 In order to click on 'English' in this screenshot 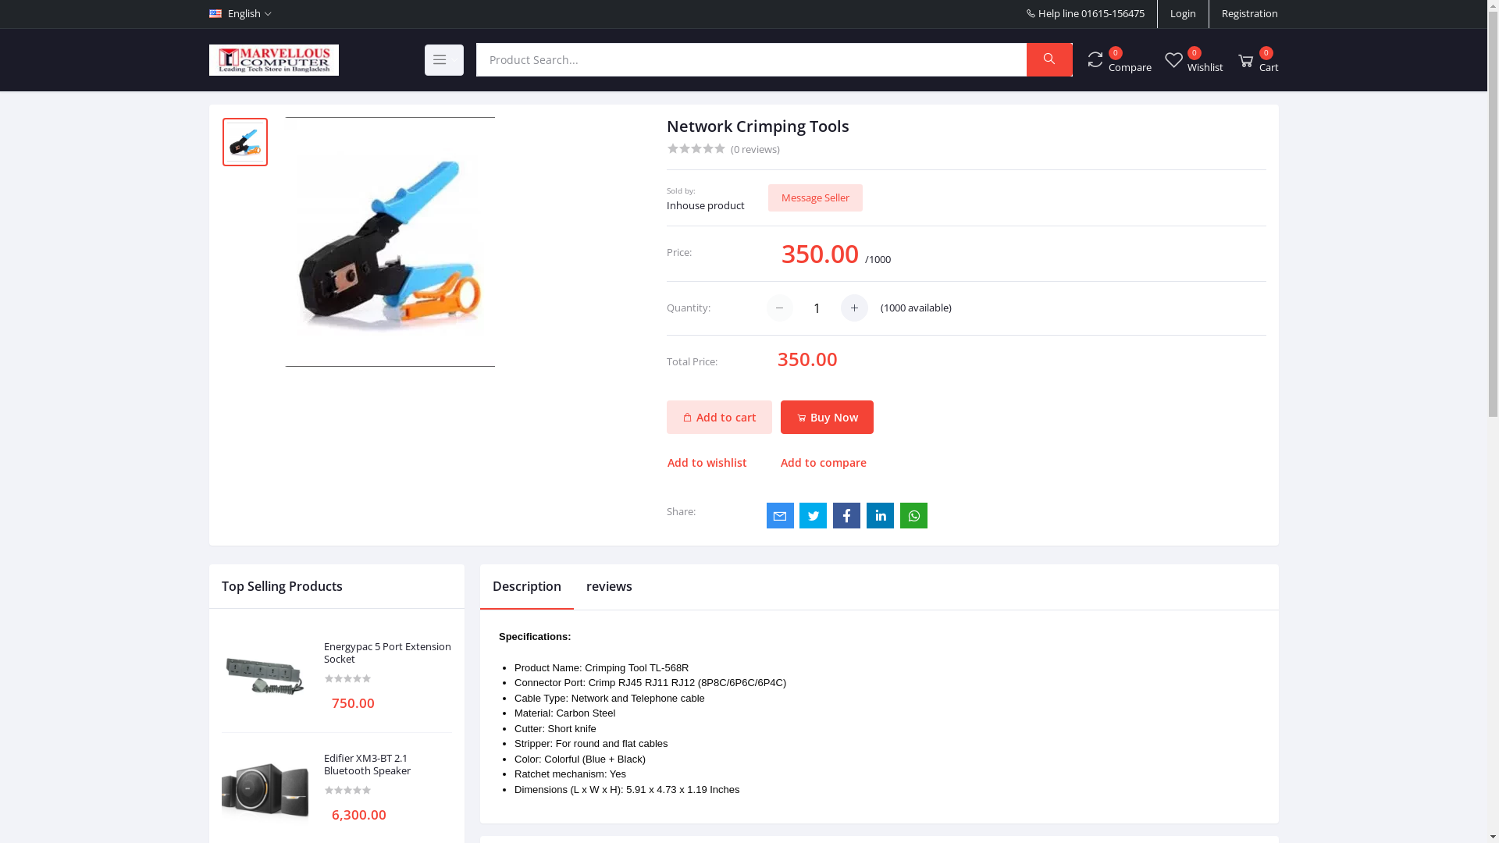, I will do `click(208, 14)`.